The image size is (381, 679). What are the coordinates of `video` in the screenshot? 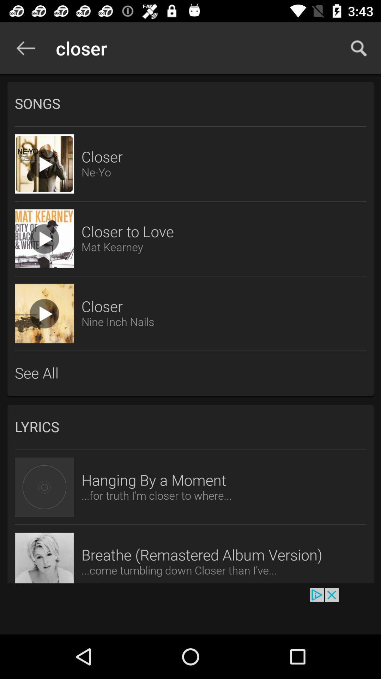 It's located at (44, 313).